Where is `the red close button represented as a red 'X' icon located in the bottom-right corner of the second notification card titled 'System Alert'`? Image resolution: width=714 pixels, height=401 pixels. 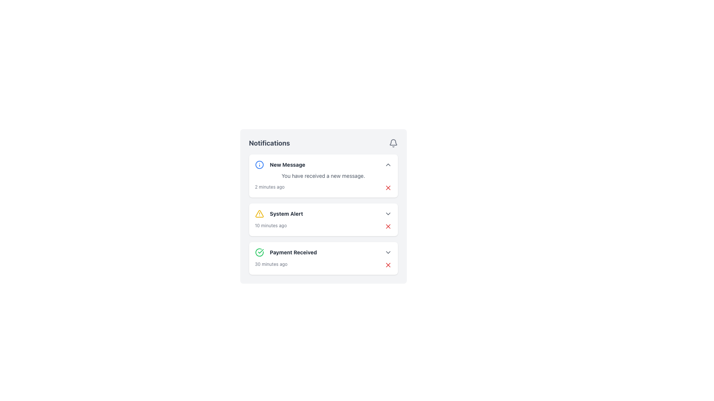 the red close button represented as a red 'X' icon located in the bottom-right corner of the second notification card titled 'System Alert' is located at coordinates (387, 226).